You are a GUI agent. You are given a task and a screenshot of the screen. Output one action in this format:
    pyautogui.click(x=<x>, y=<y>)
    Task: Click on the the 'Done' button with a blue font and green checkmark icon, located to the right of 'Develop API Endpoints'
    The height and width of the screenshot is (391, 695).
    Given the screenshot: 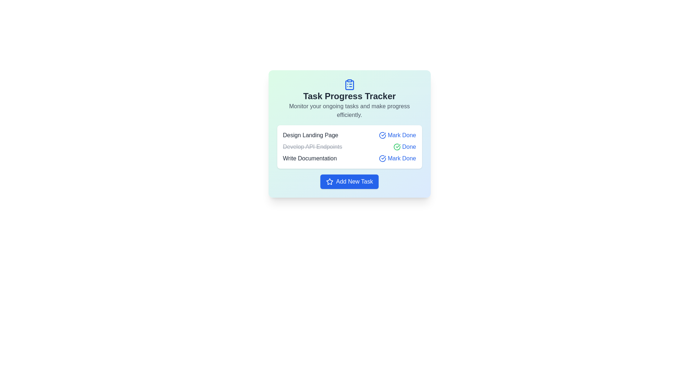 What is the action you would take?
    pyautogui.click(x=404, y=147)
    